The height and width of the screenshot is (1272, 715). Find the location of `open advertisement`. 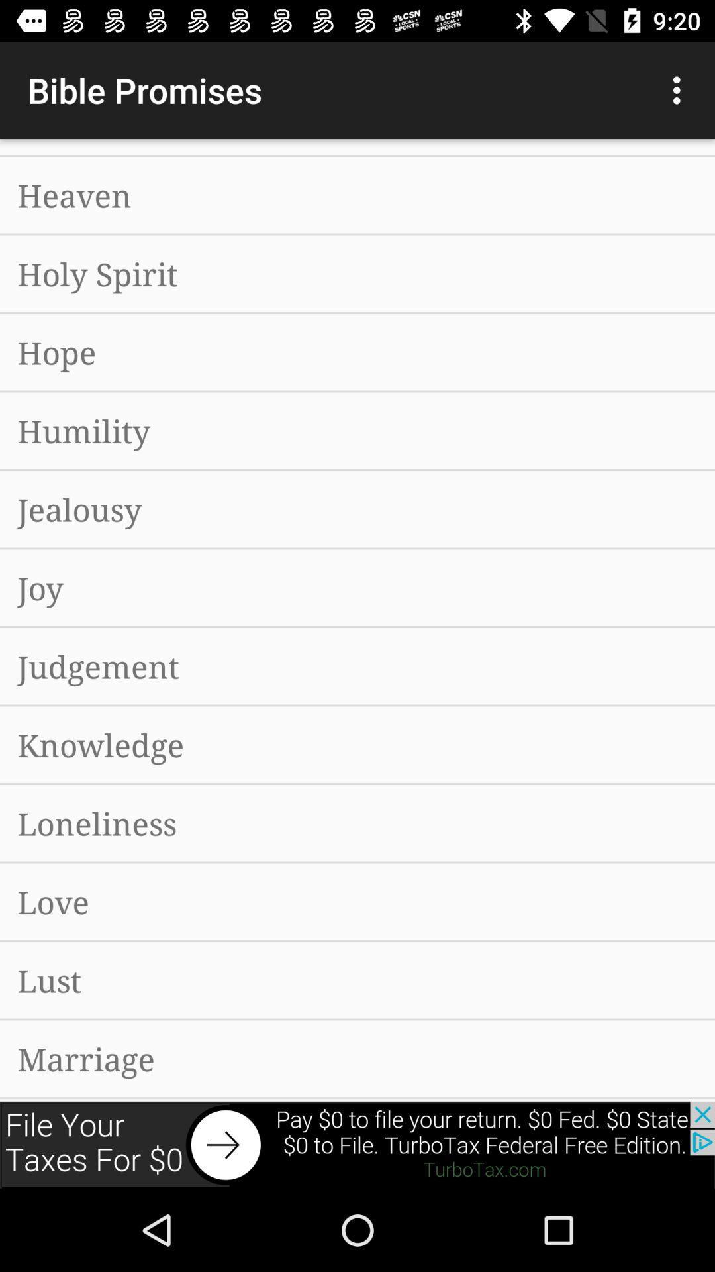

open advertisement is located at coordinates (358, 1144).